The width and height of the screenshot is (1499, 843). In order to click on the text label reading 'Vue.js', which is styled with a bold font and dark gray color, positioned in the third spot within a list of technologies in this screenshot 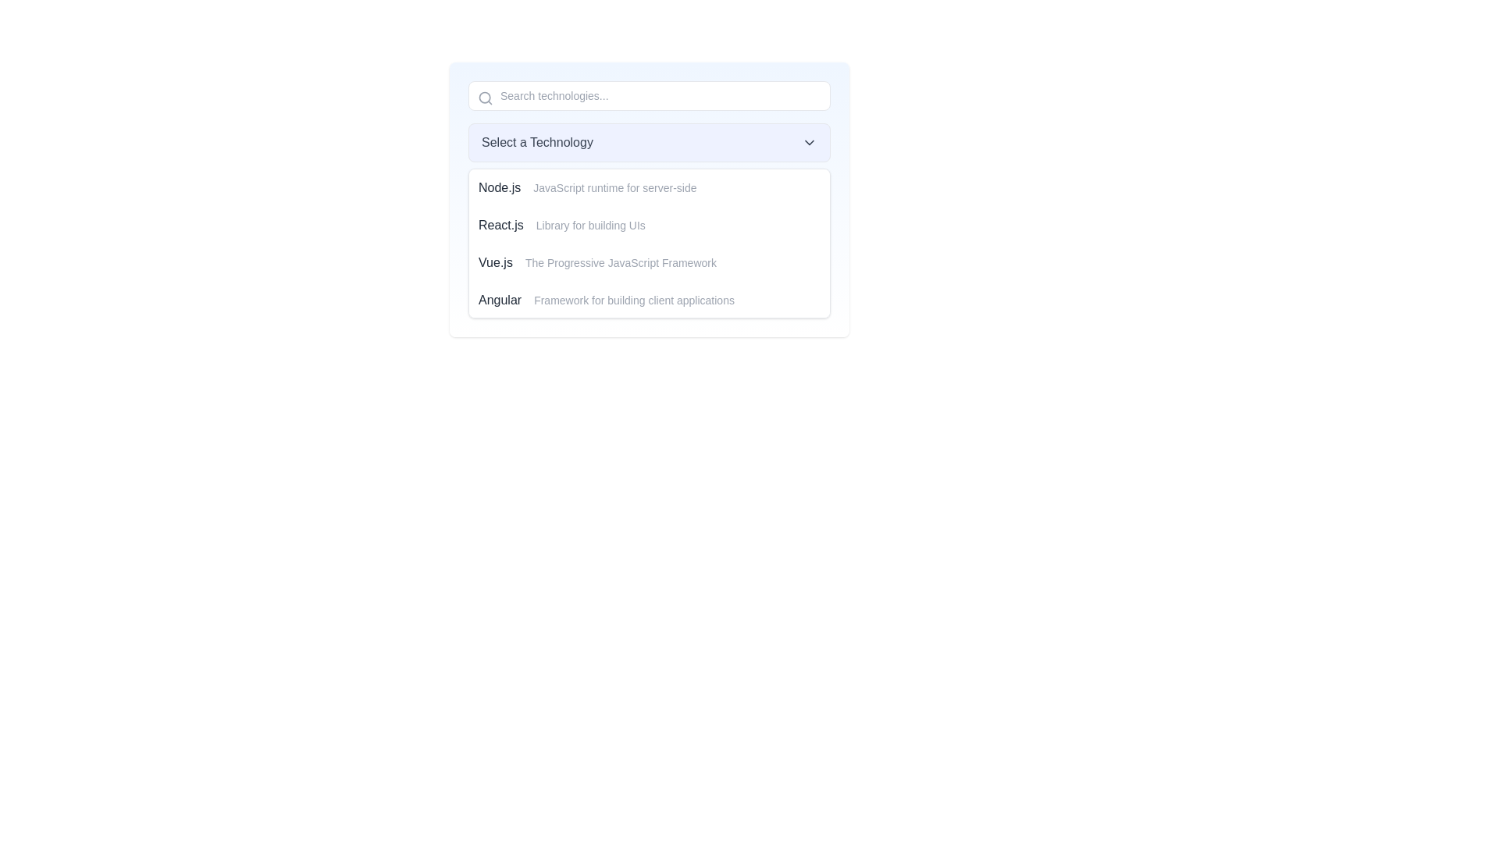, I will do `click(494, 261)`.